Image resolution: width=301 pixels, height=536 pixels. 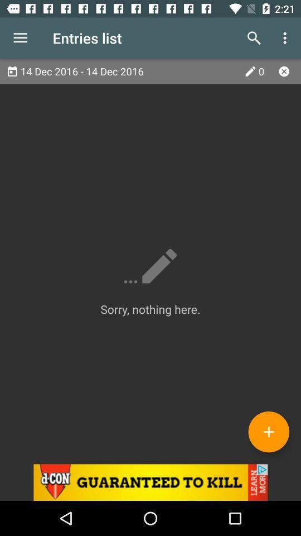 I want to click on x, so click(x=284, y=70).